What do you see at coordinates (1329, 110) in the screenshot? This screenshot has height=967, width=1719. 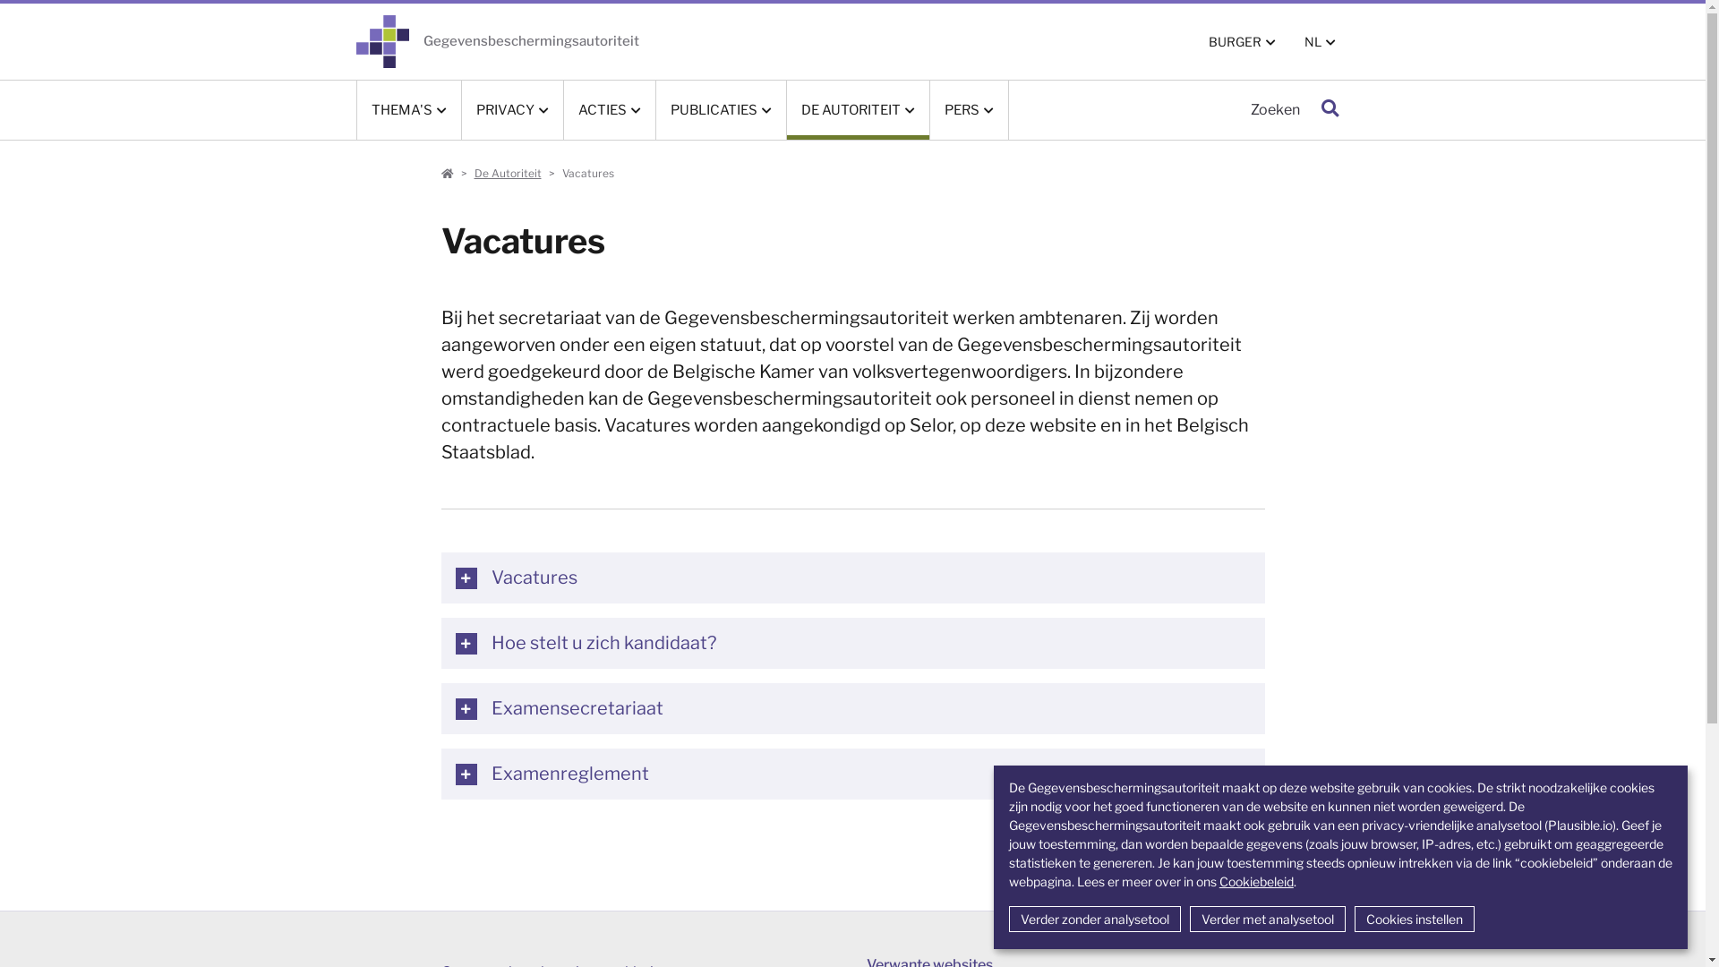 I see `'Zoeken'` at bounding box center [1329, 110].